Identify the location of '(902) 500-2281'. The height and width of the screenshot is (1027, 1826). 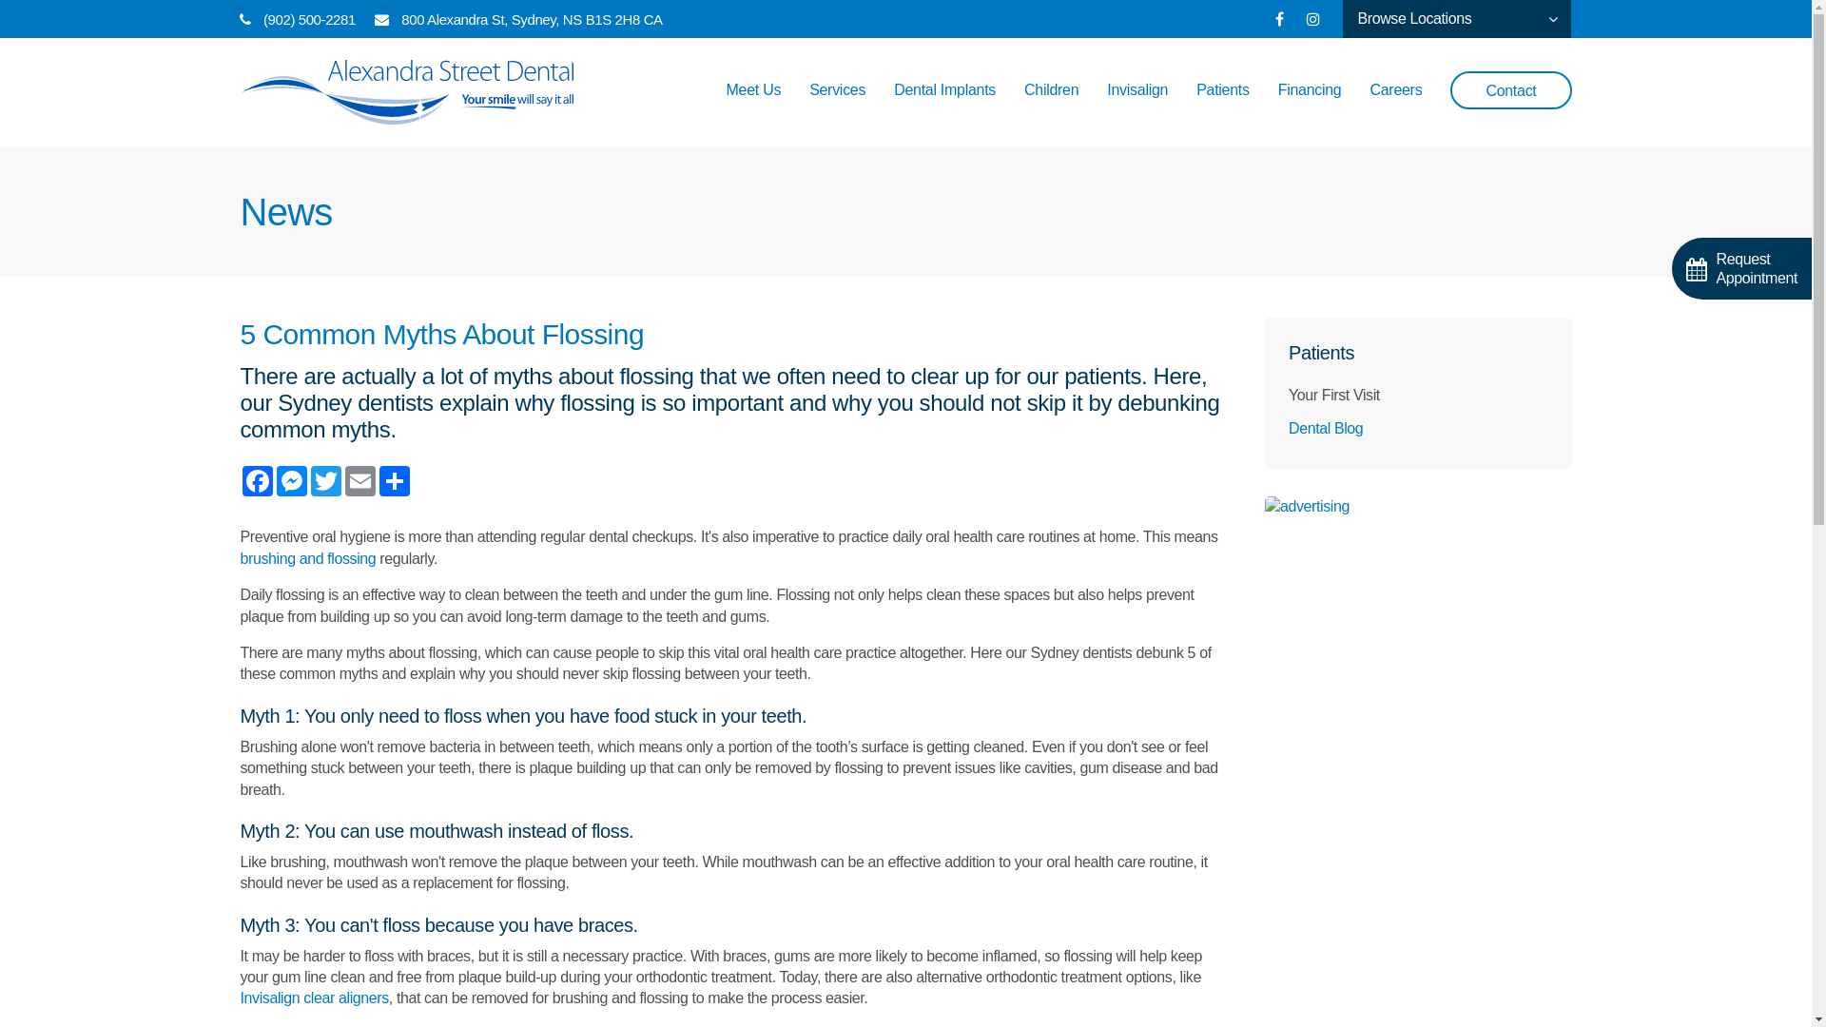
(262, 19).